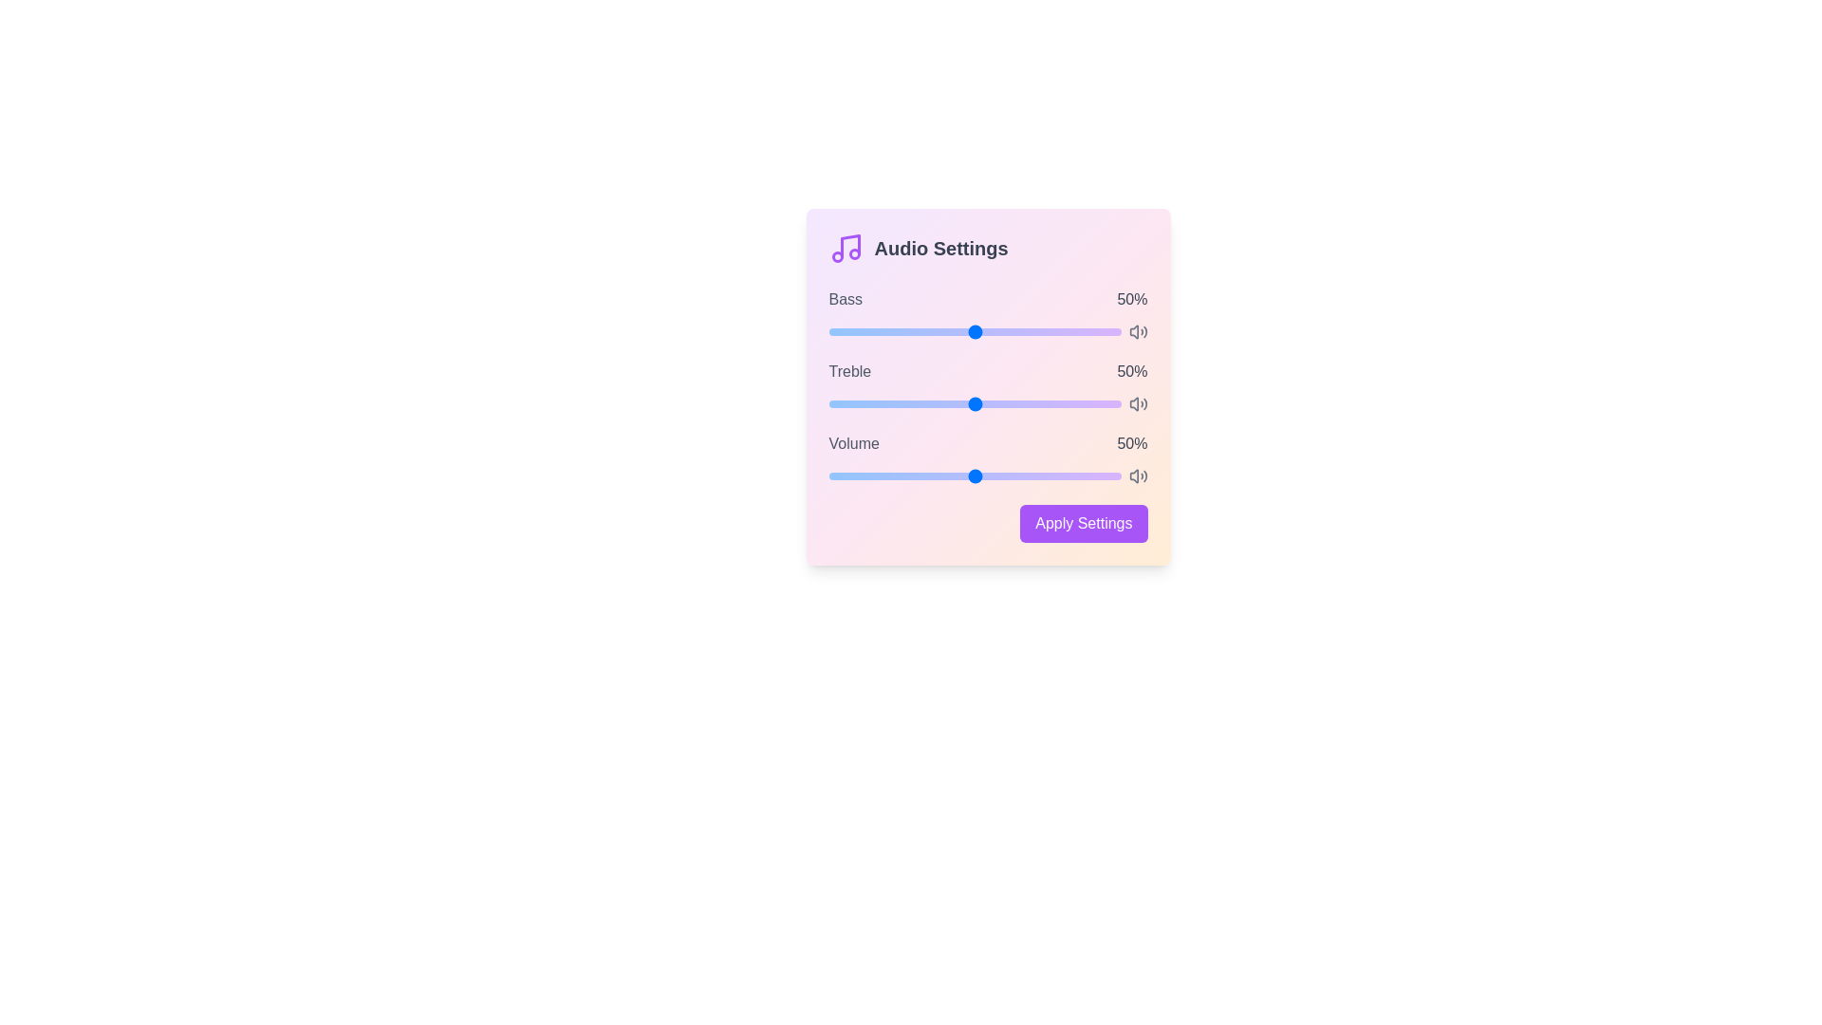  What do you see at coordinates (1084, 523) in the screenshot?
I see `the 'Apply Settings' button to apply the current audio settings` at bounding box center [1084, 523].